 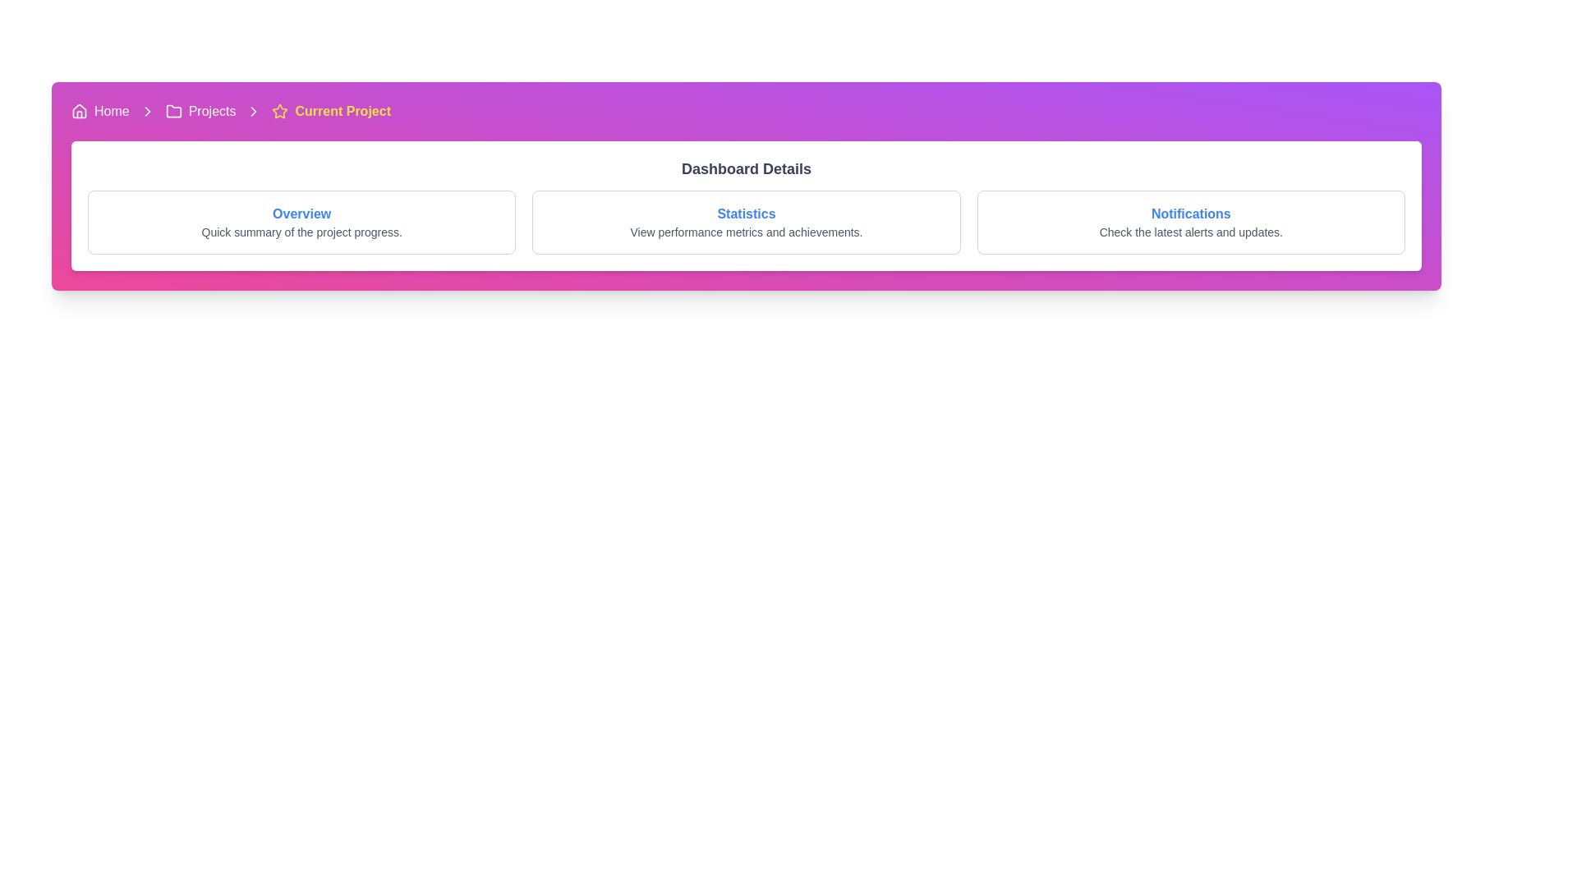 What do you see at coordinates (200, 111) in the screenshot?
I see `the 'Projects' breadcrumb navigation item, which includes an icon and text` at bounding box center [200, 111].